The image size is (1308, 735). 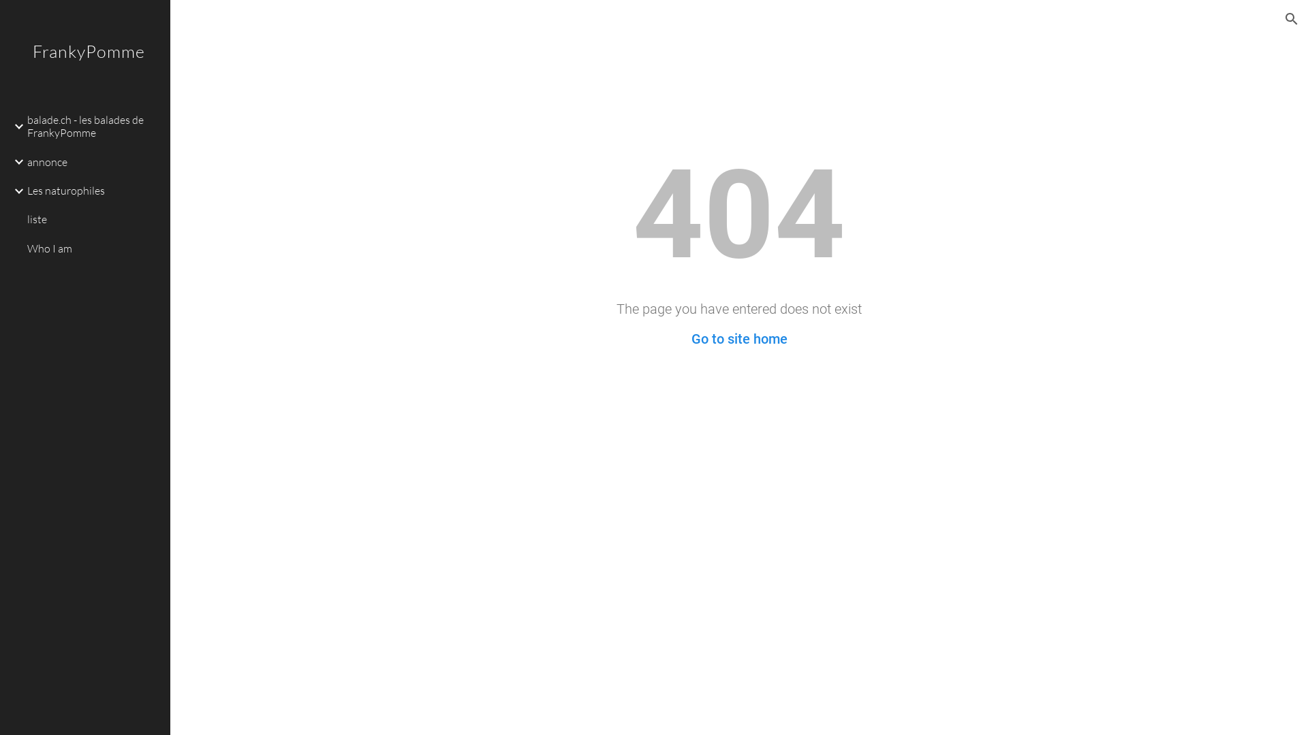 What do you see at coordinates (24, 219) in the screenshot?
I see `'liste'` at bounding box center [24, 219].